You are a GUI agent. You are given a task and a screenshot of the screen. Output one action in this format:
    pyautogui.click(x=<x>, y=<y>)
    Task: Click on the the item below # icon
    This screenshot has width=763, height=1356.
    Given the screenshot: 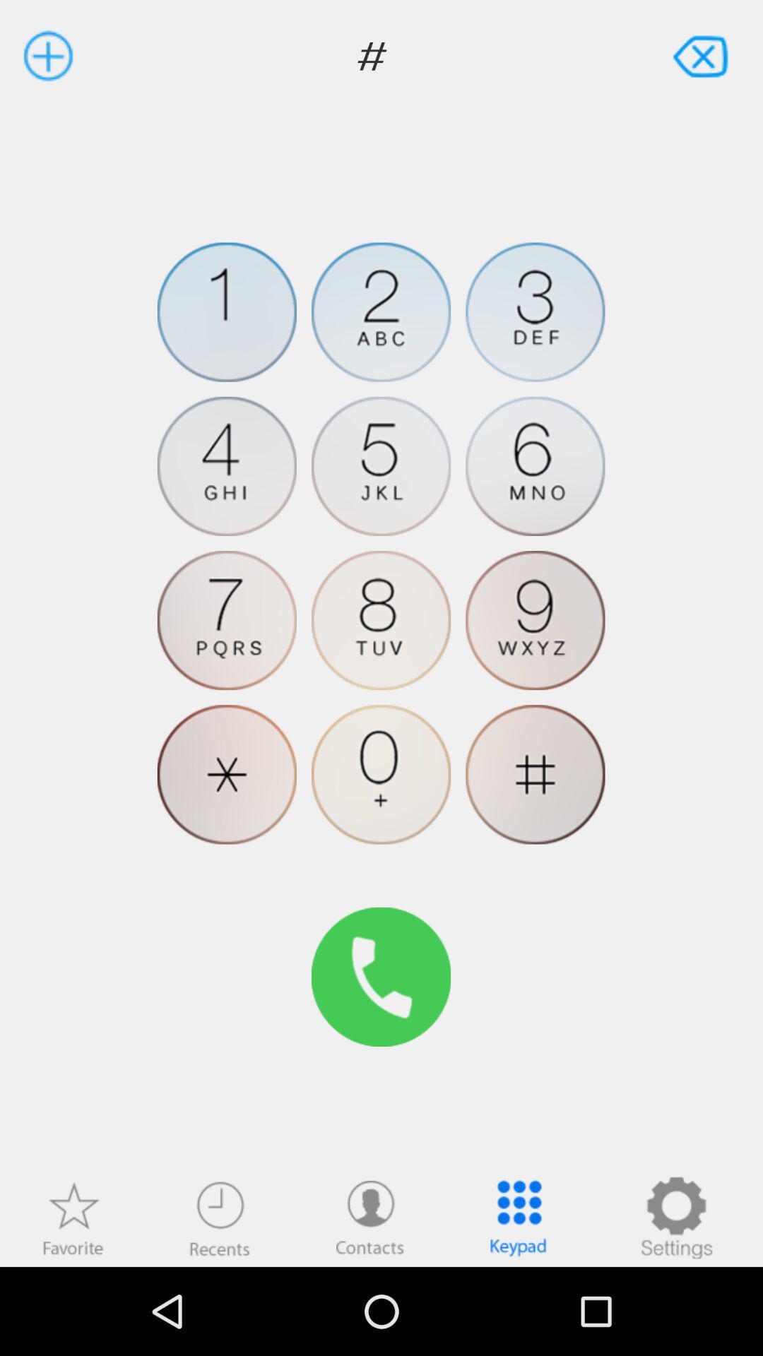 What is the action you would take?
    pyautogui.click(x=380, y=311)
    